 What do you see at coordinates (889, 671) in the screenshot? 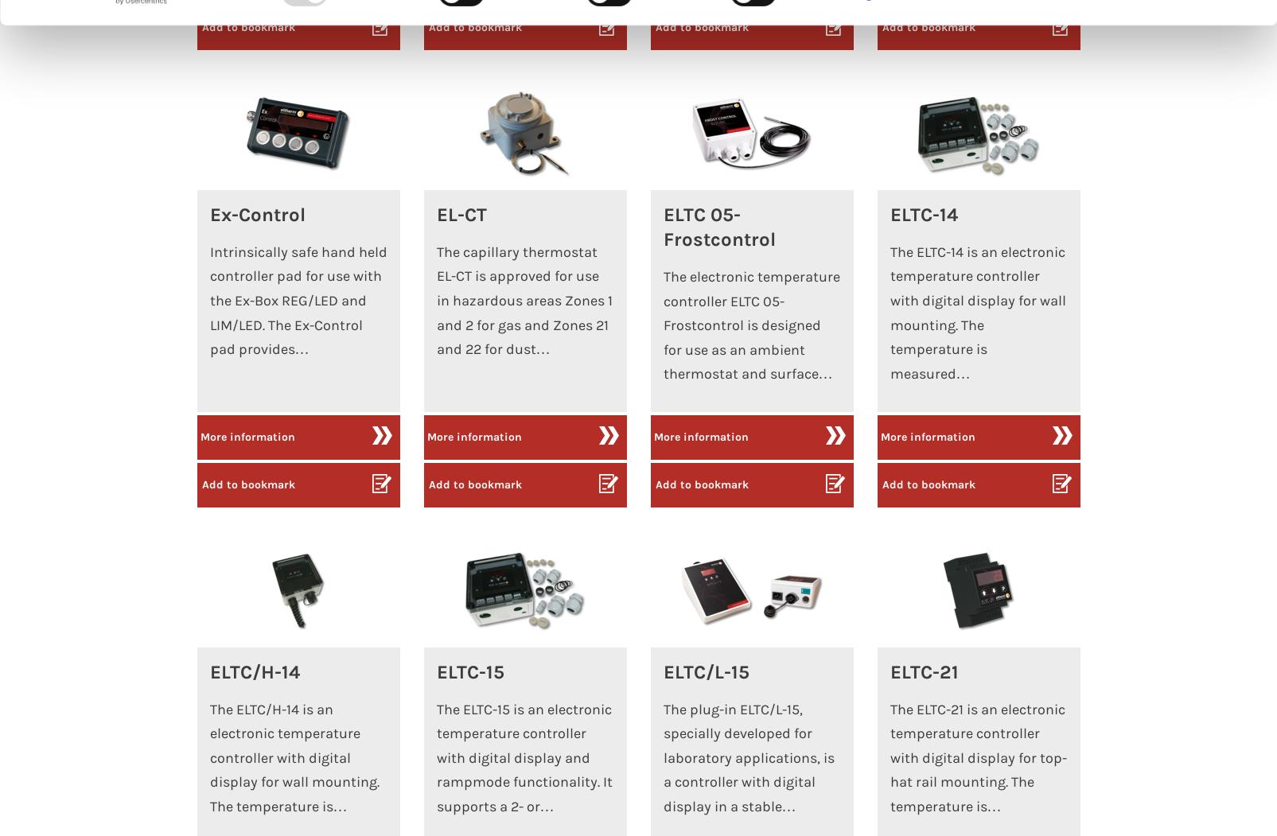
I see `'ELTC-21'` at bounding box center [889, 671].